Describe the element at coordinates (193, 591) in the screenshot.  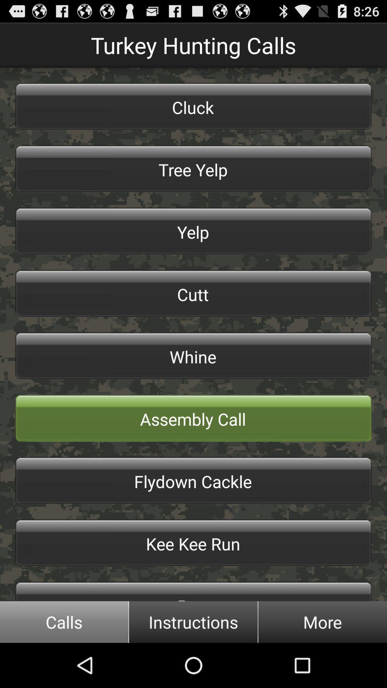
I see `the icon below the kee kee run button` at that location.